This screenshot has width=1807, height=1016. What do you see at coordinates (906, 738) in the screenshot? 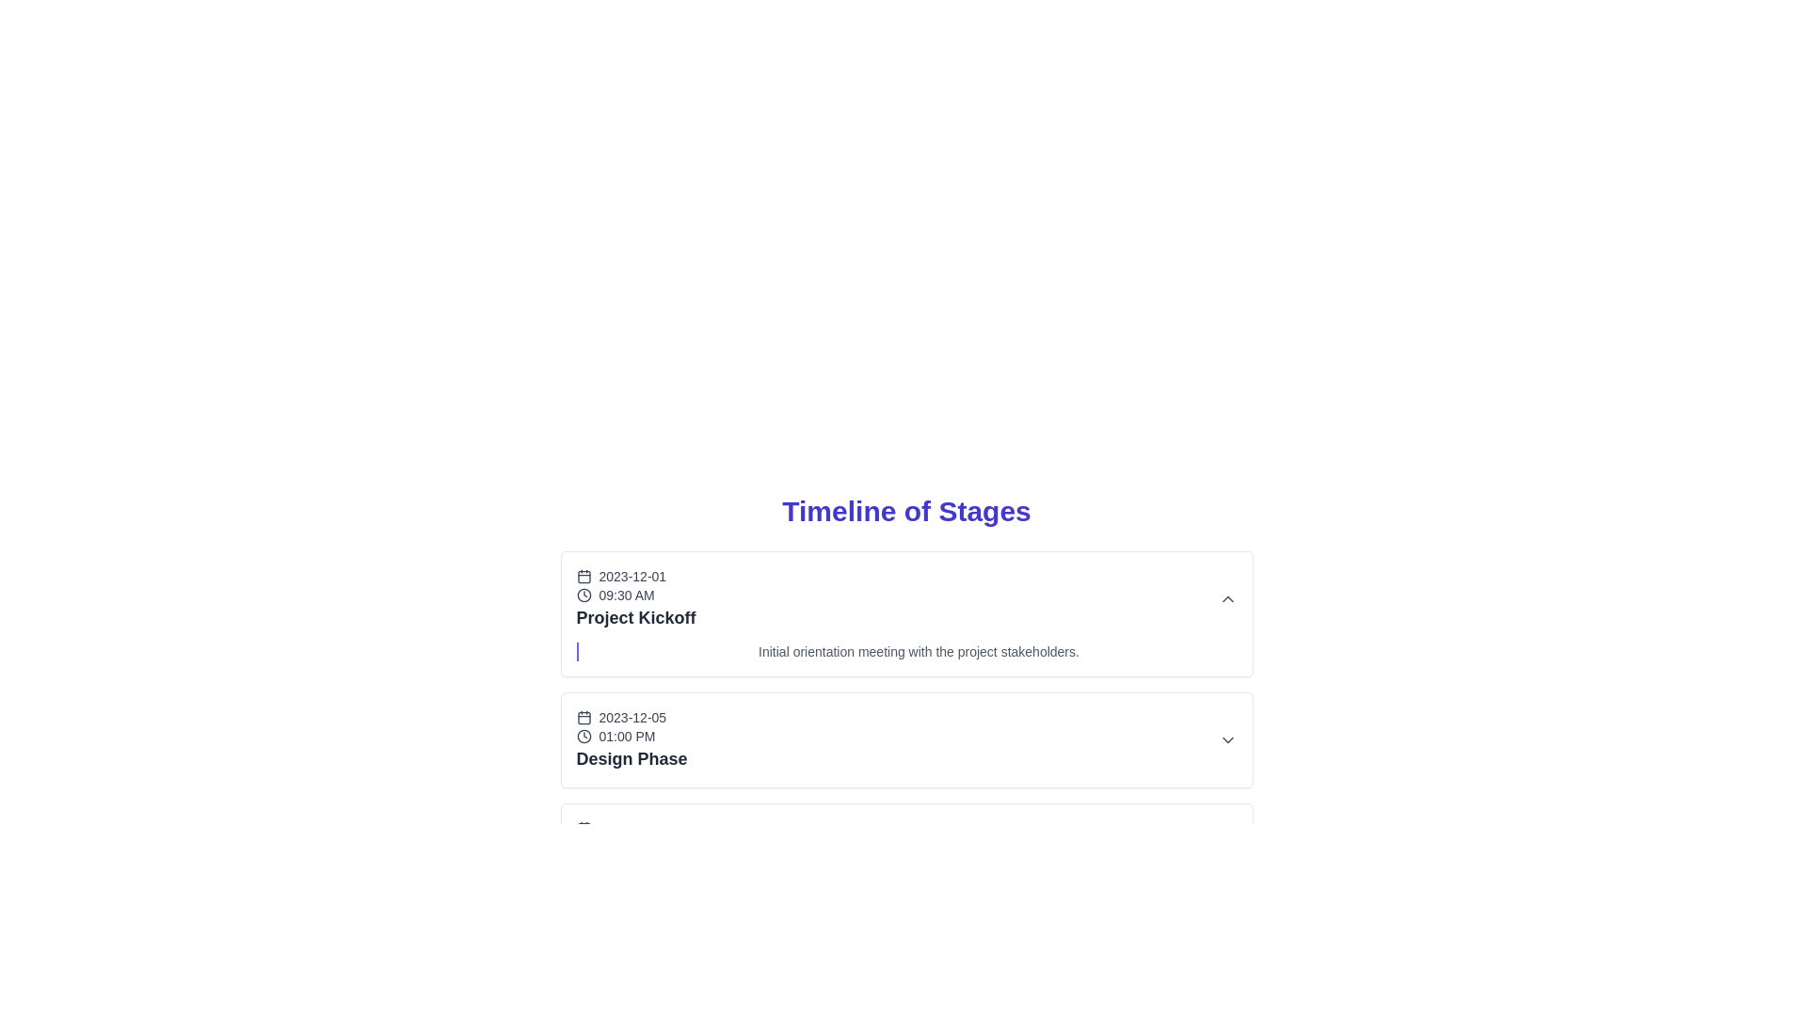
I see `information displayed in the second List Item of the Timeline, which includes the date '2023-12-05', time '01:00 PM', and title 'Design Phase'` at bounding box center [906, 738].